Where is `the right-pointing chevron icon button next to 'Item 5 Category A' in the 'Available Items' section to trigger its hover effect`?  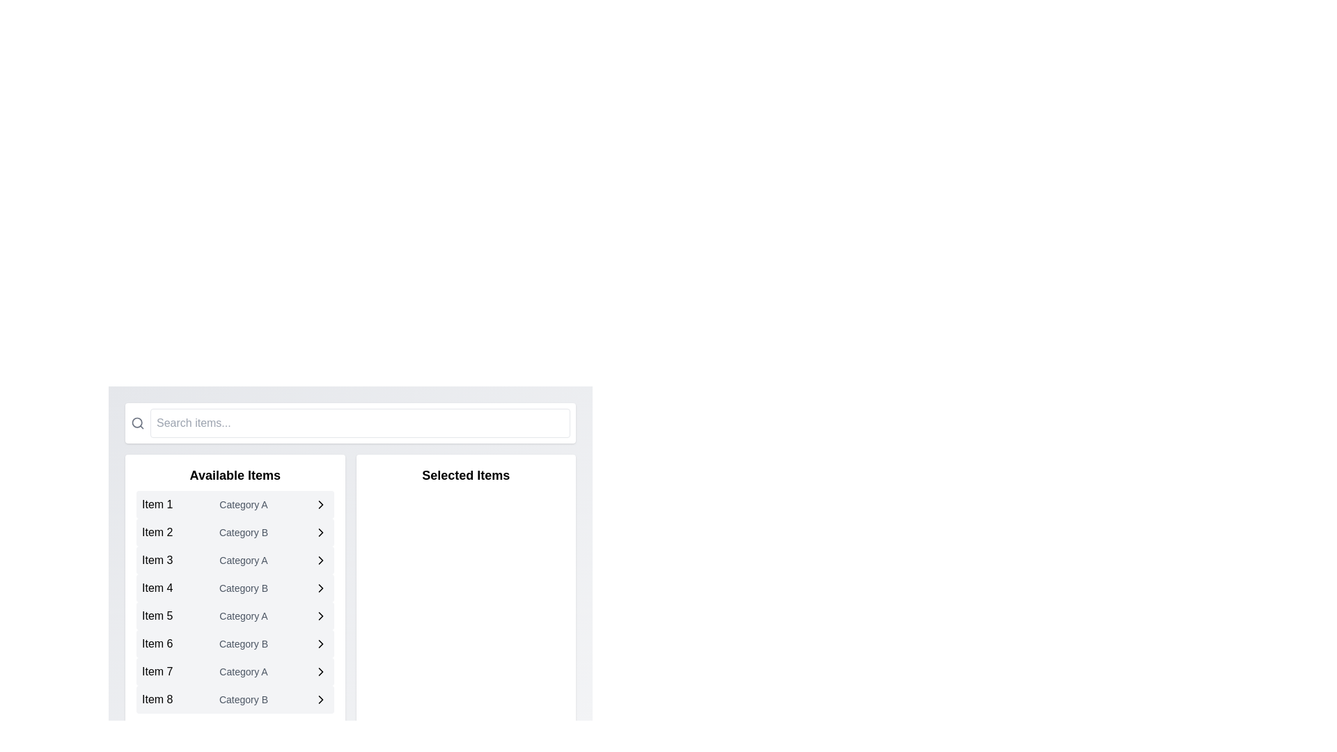
the right-pointing chevron icon button next to 'Item 5 Category A' in the 'Available Items' section to trigger its hover effect is located at coordinates (320, 615).